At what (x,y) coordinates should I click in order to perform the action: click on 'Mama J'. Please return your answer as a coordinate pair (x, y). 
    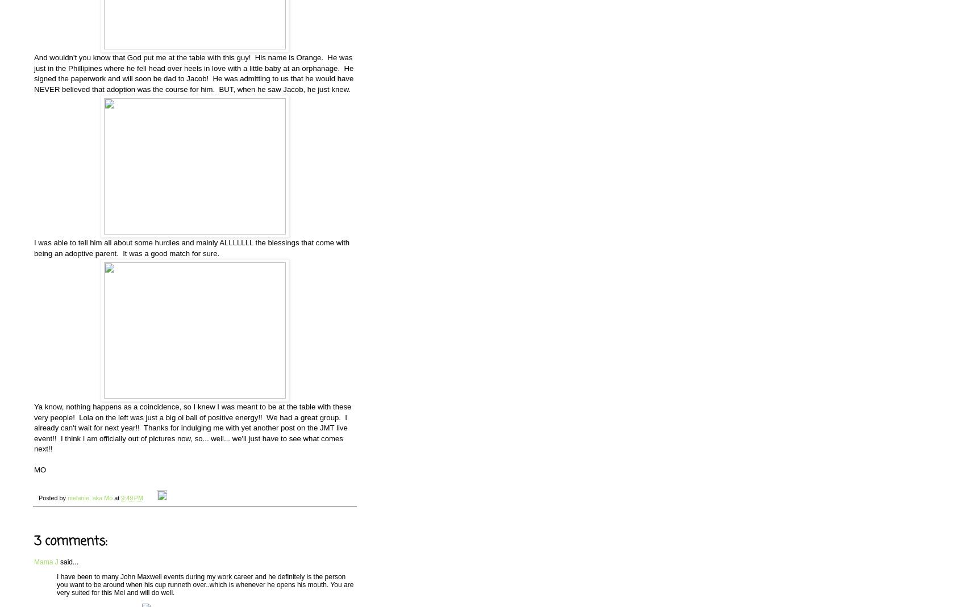
    Looking at the image, I should click on (45, 562).